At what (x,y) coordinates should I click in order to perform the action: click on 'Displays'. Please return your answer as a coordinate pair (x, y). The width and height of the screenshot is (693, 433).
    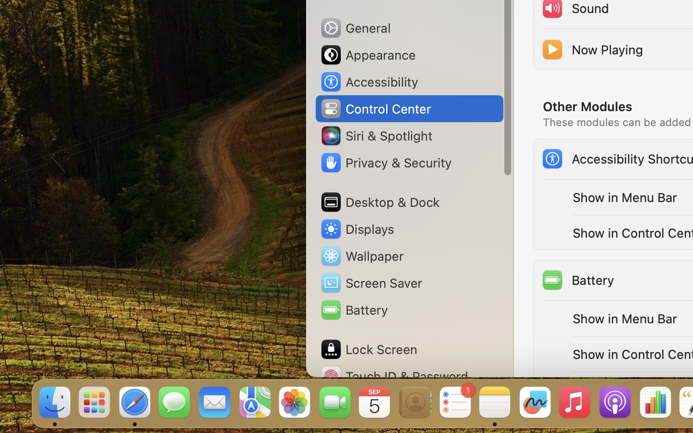
    Looking at the image, I should click on (357, 229).